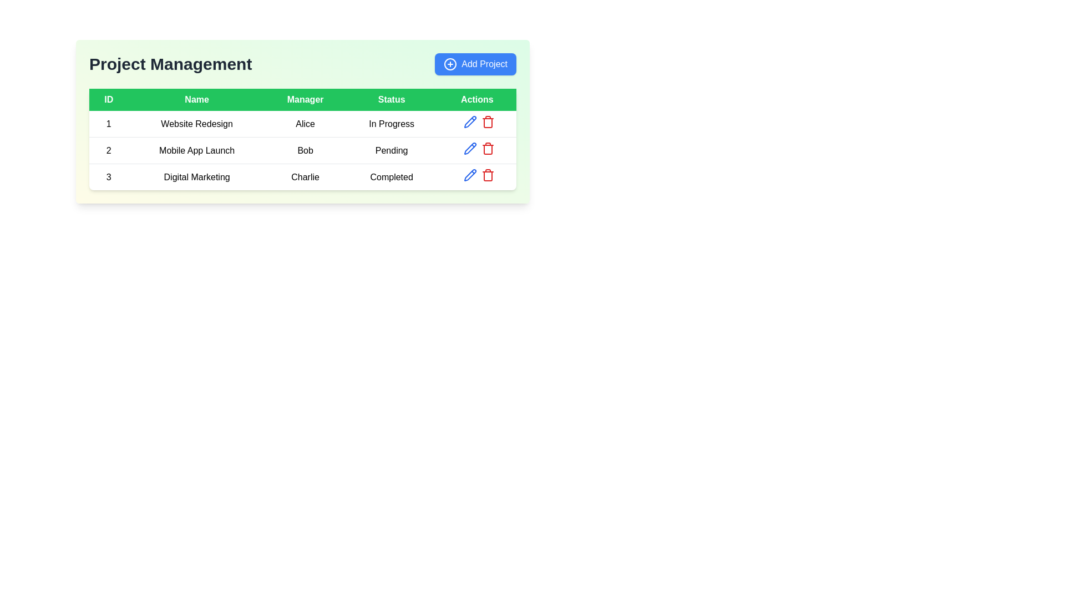 This screenshot has height=599, width=1065. What do you see at coordinates (305, 176) in the screenshot?
I see `the text element that represents the manager associated with the project 'Digital Marketing' in the Project Management section, located in the third row and third column of the table` at bounding box center [305, 176].